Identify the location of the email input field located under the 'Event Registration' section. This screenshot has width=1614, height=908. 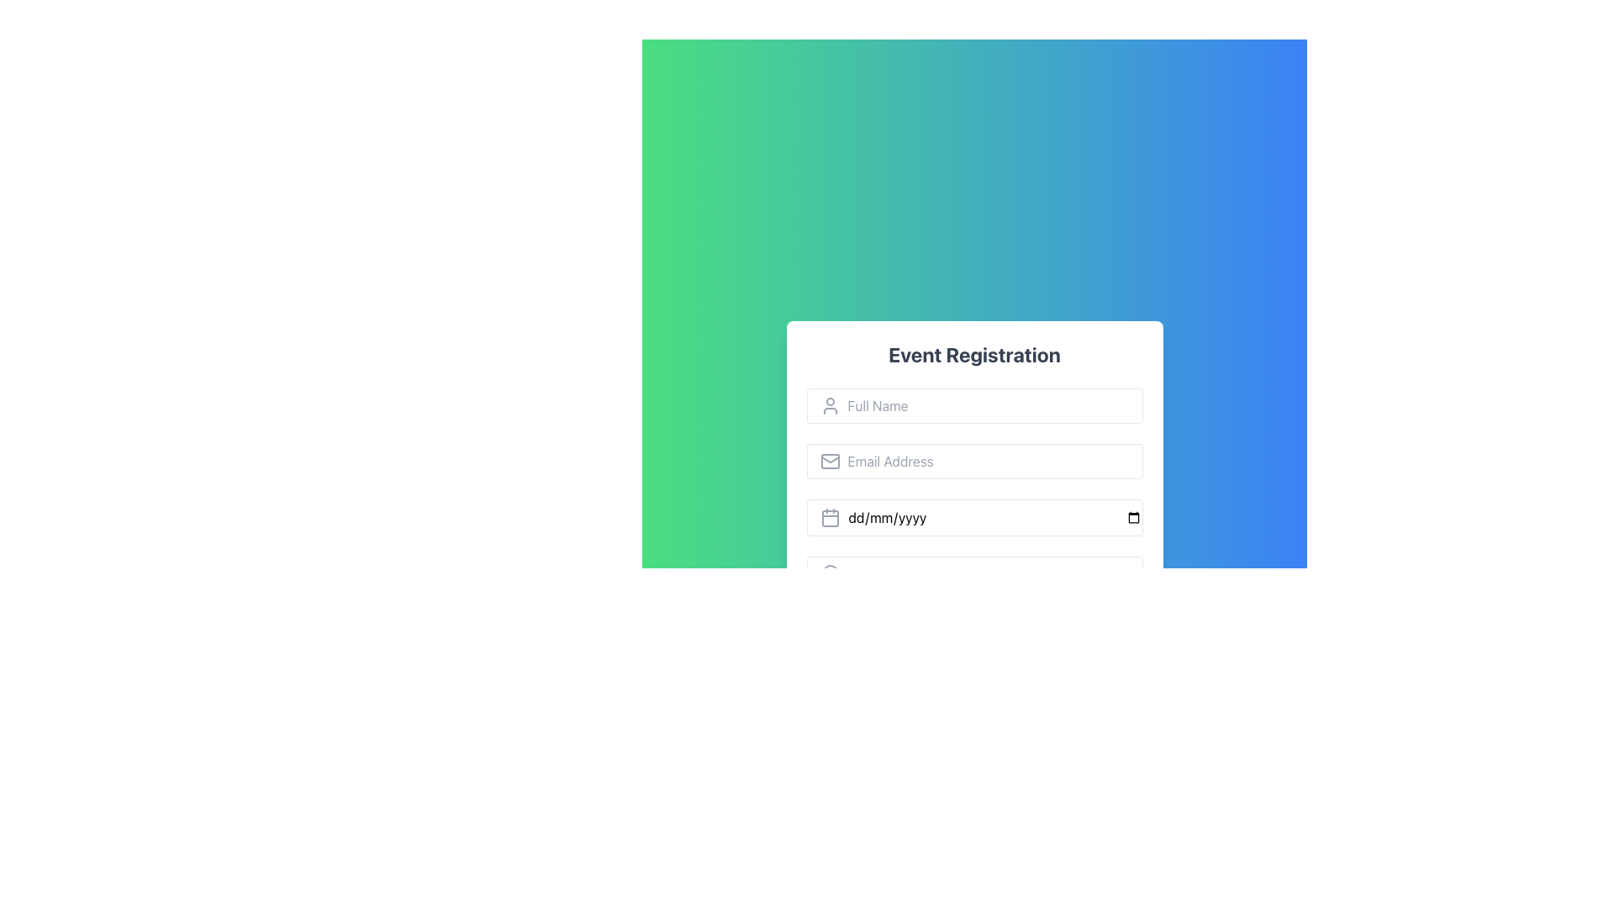
(974, 461).